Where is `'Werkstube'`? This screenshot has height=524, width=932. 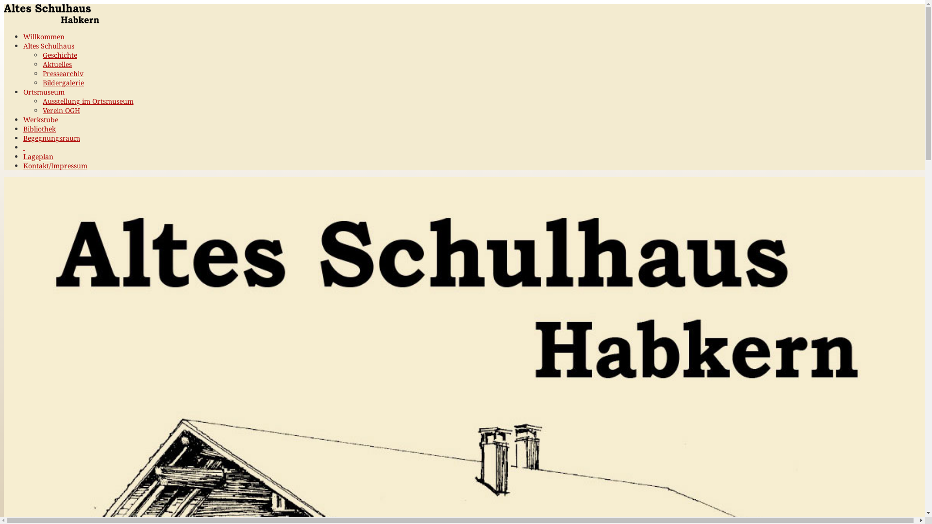 'Werkstube' is located at coordinates (40, 119).